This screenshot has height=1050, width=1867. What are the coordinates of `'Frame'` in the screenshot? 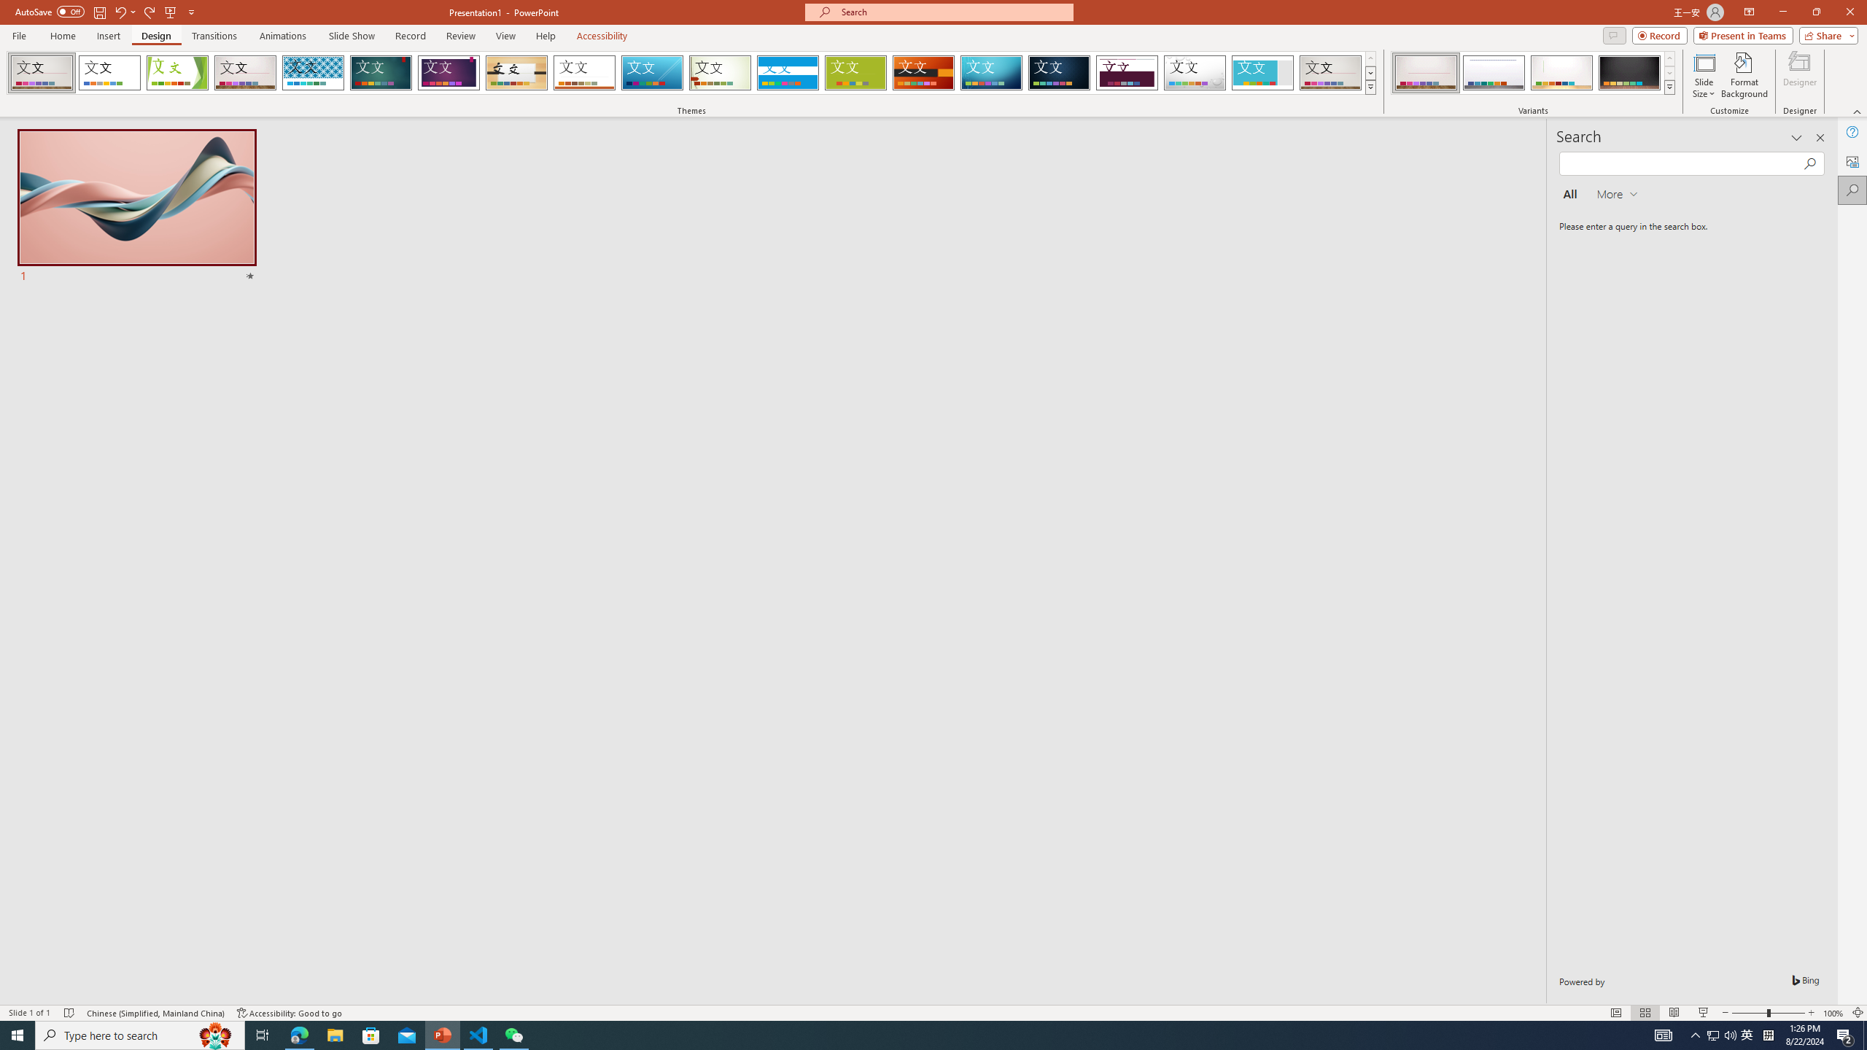 It's located at (1262, 72).